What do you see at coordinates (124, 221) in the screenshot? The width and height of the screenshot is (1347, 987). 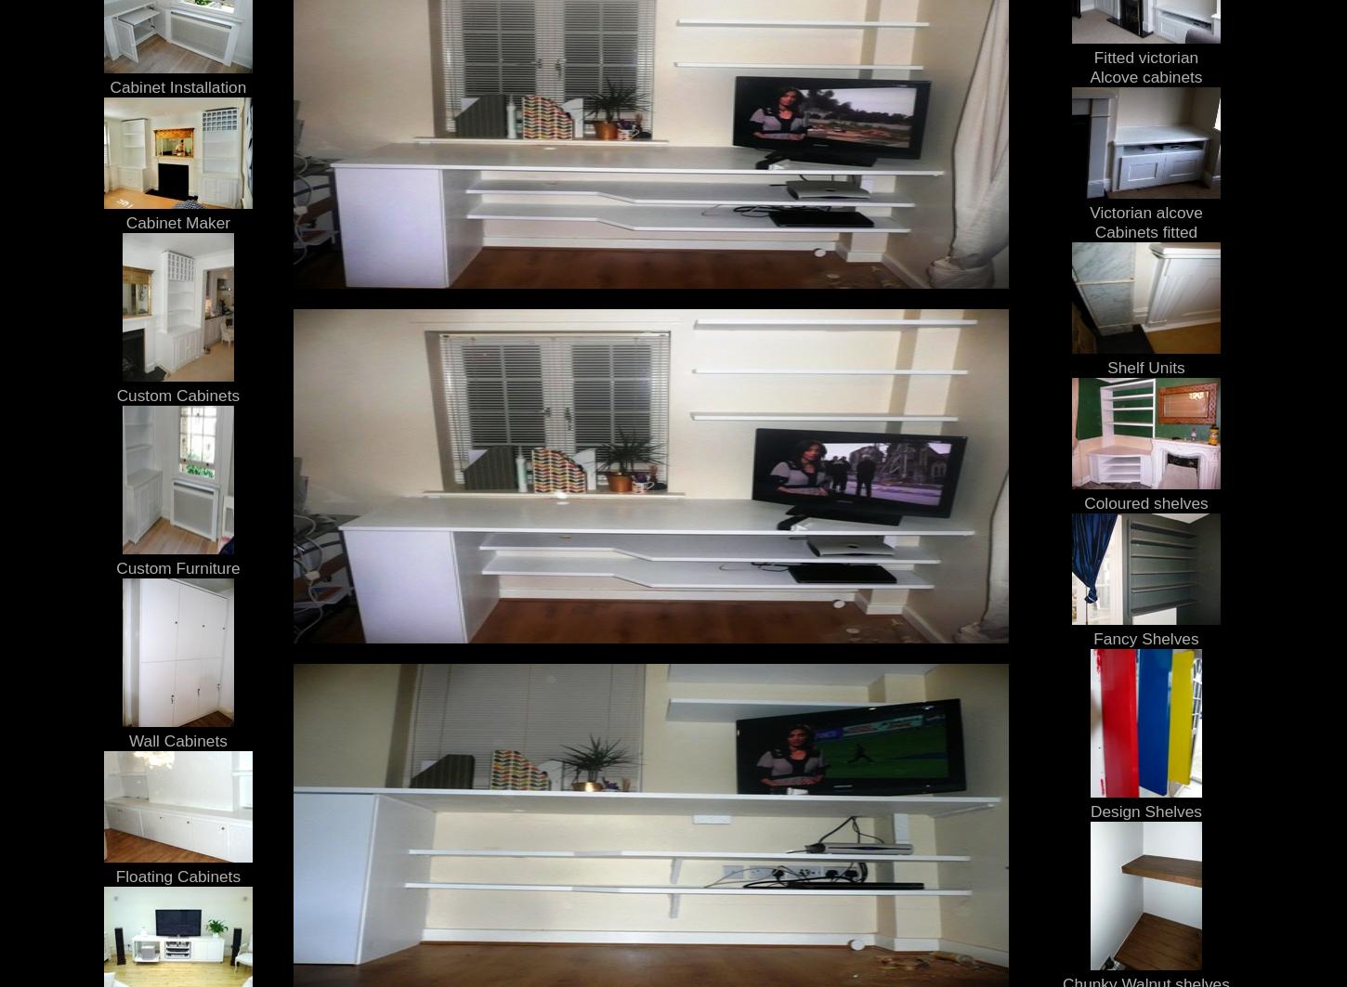 I see `'Cabinet Maker'` at bounding box center [124, 221].